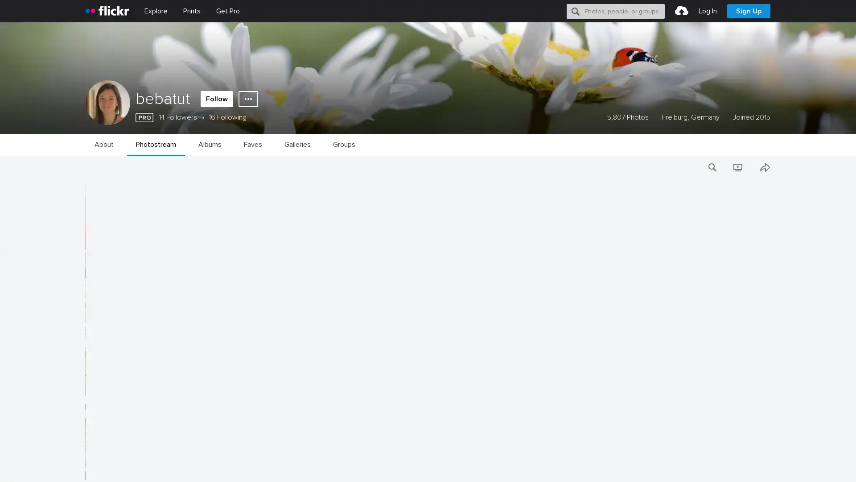 The image size is (856, 482). Describe the element at coordinates (576, 11) in the screenshot. I see `Search` at that location.